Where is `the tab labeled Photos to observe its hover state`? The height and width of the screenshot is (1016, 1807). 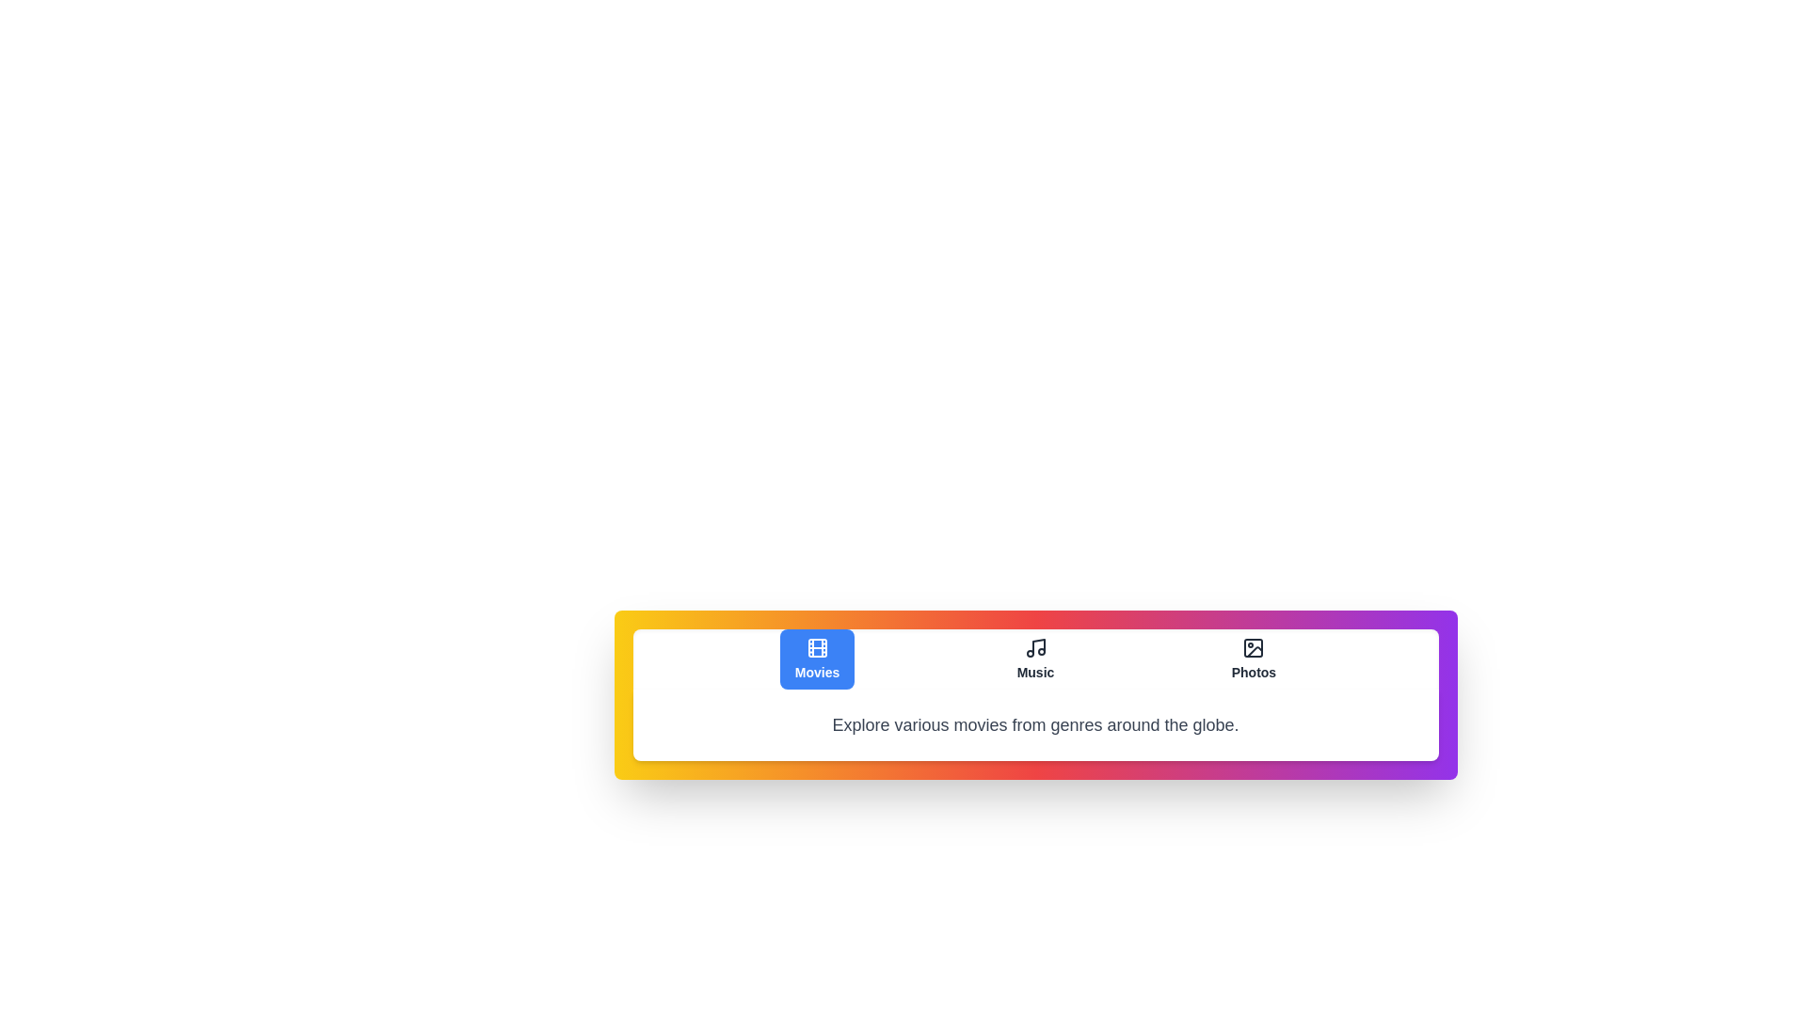 the tab labeled Photos to observe its hover state is located at coordinates (1254, 659).